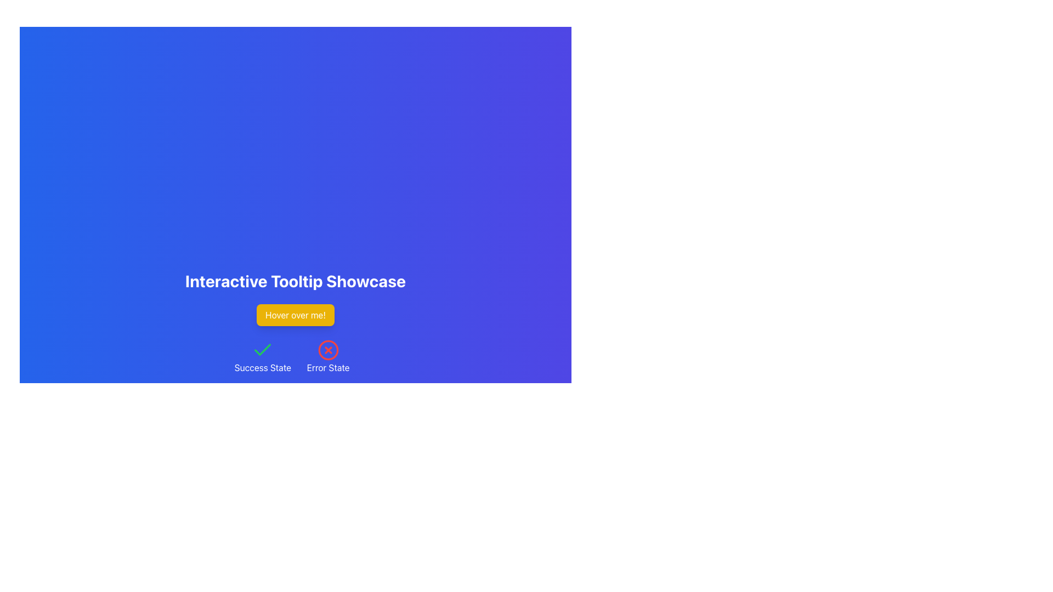 The width and height of the screenshot is (1053, 592). Describe the element at coordinates (295, 315) in the screenshot. I see `the rounded rectangular button labeled 'Hover over me!' with a vibrant yellow background to trigger a tooltip or visual change` at that location.